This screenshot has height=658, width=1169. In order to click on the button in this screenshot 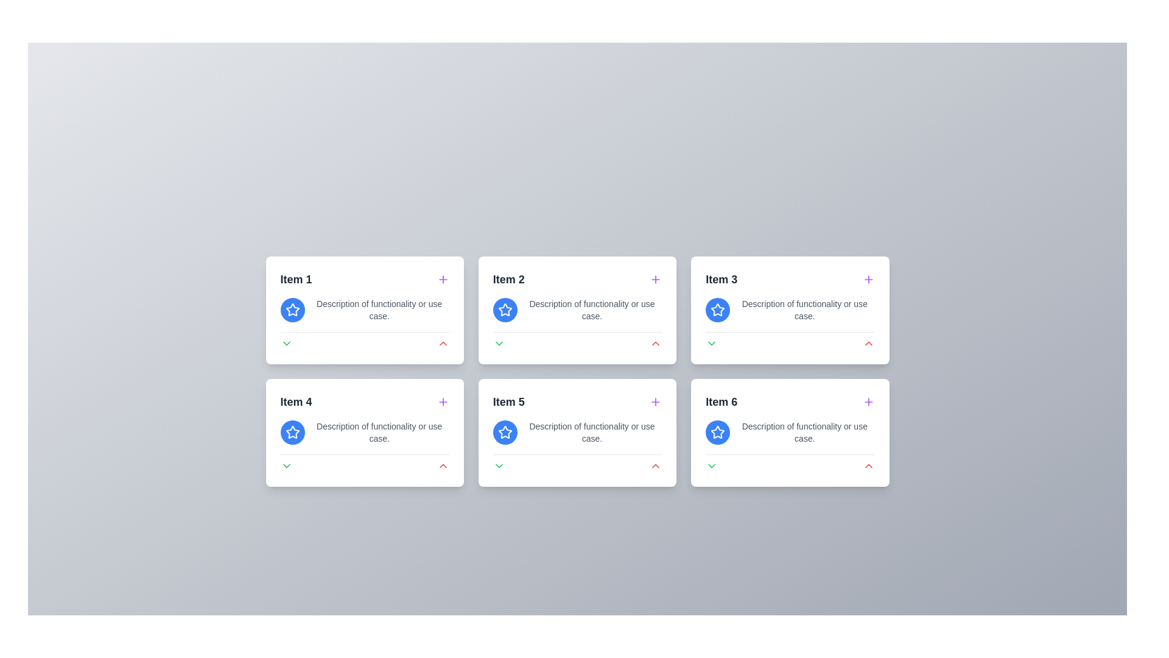, I will do `click(499, 465)`.